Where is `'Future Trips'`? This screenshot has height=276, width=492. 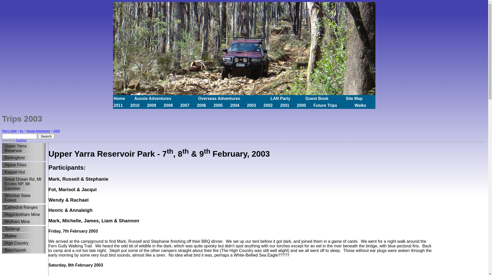 'Future Trips' is located at coordinates (325, 105).